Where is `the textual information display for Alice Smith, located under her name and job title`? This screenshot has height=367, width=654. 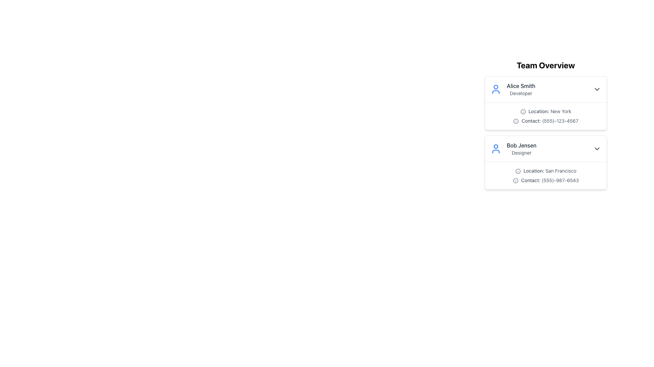 the textual information display for Alice Smith, located under her name and job title is located at coordinates (546, 116).